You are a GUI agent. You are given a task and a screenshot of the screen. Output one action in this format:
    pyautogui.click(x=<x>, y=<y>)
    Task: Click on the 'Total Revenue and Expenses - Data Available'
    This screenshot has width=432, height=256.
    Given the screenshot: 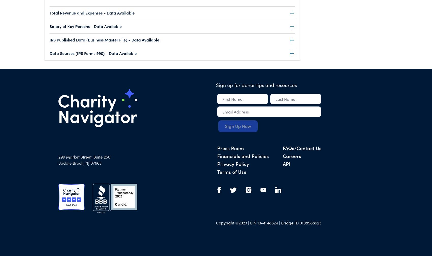 What is the action you would take?
    pyautogui.click(x=92, y=12)
    